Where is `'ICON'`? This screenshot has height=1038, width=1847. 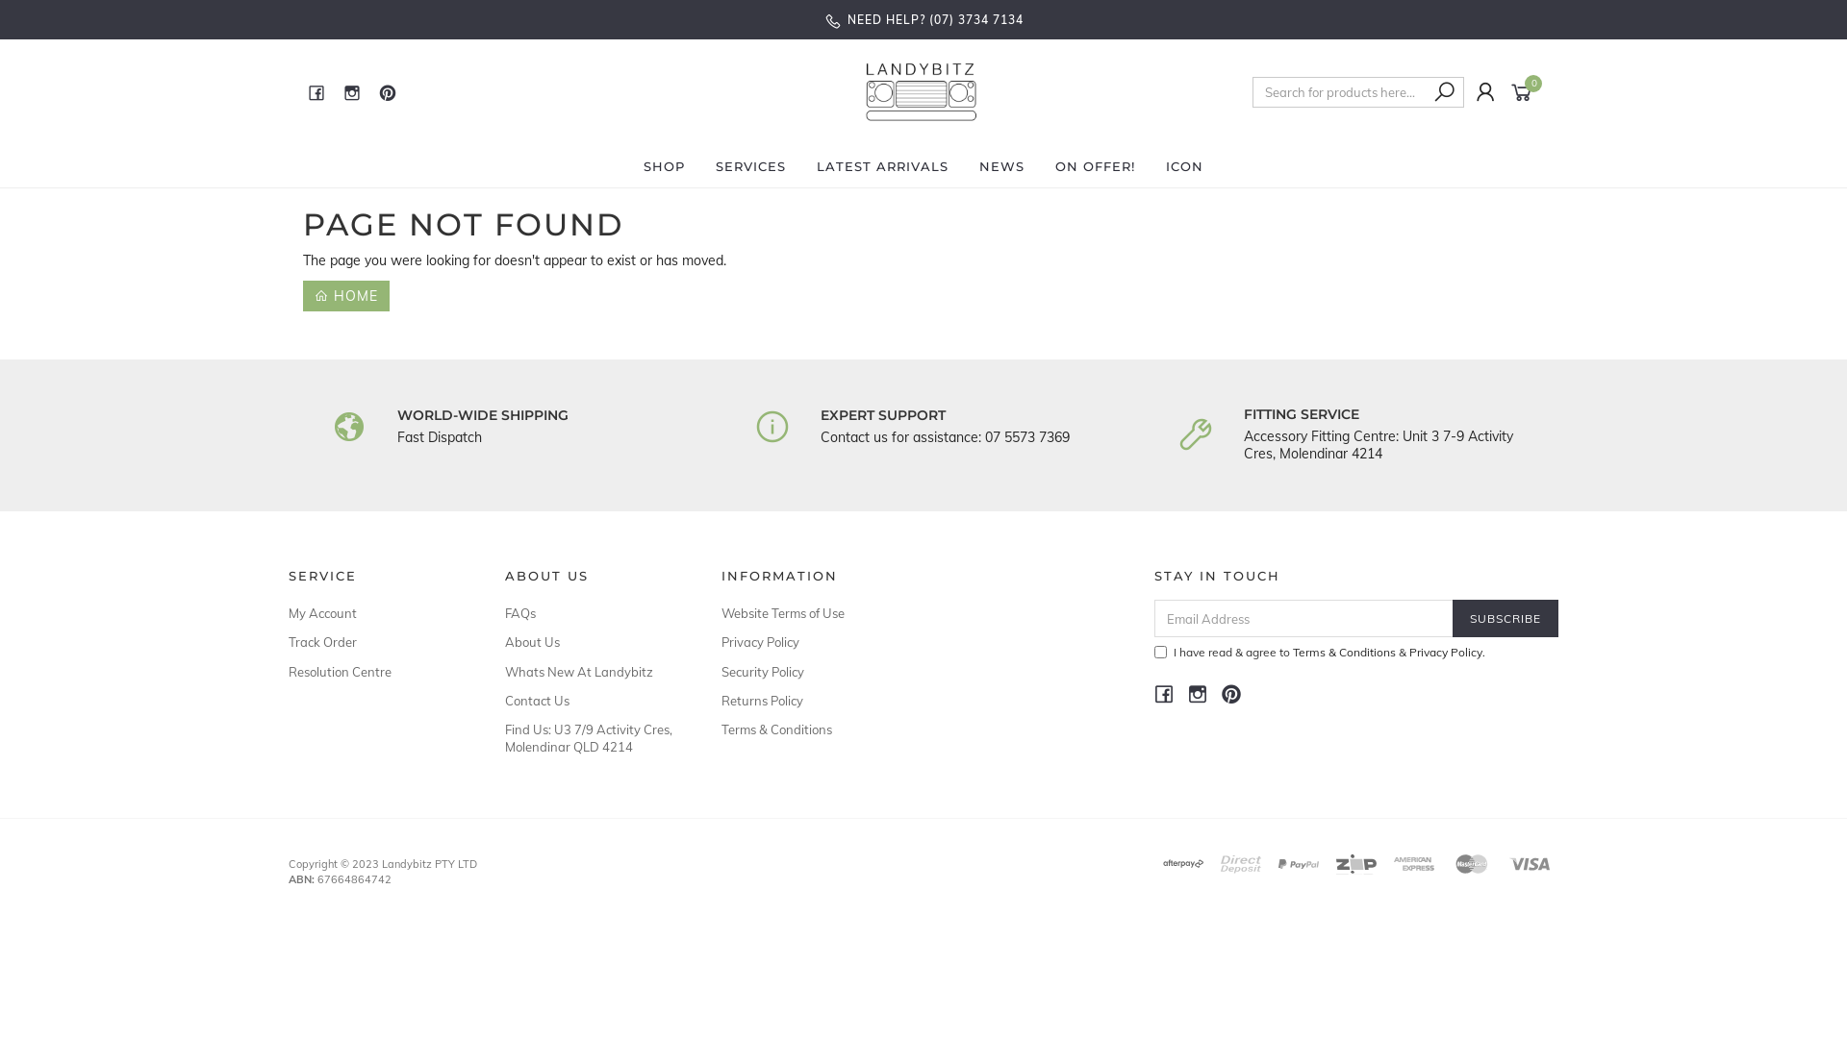
'ICON' is located at coordinates (1183, 165).